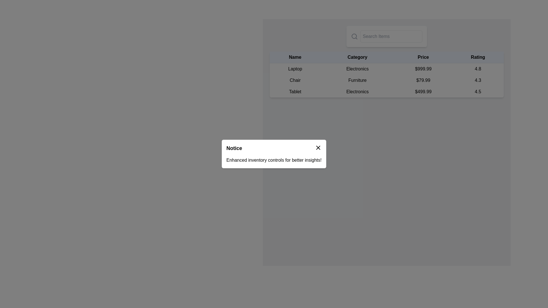 This screenshot has width=548, height=308. I want to click on the 'Category' text label, which is the second heading in a table, styled in bold black on a light gray background, so click(357, 57).